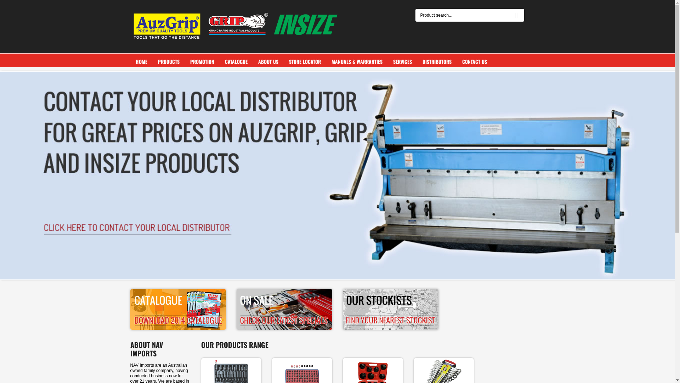  What do you see at coordinates (141, 61) in the screenshot?
I see `'HOME'` at bounding box center [141, 61].